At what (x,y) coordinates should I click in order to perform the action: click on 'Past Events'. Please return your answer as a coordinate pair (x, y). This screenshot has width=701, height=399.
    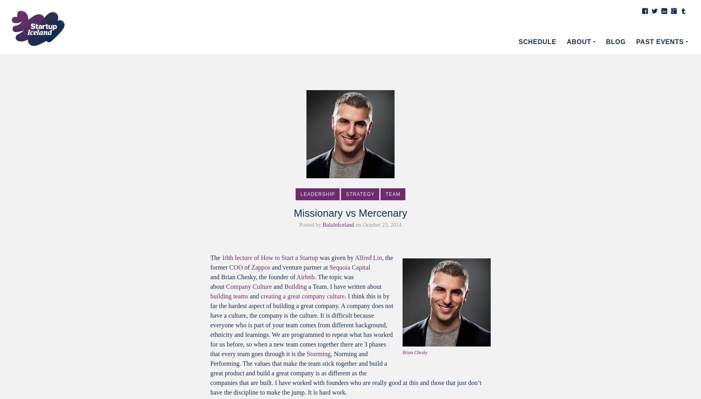
    Looking at the image, I should click on (659, 42).